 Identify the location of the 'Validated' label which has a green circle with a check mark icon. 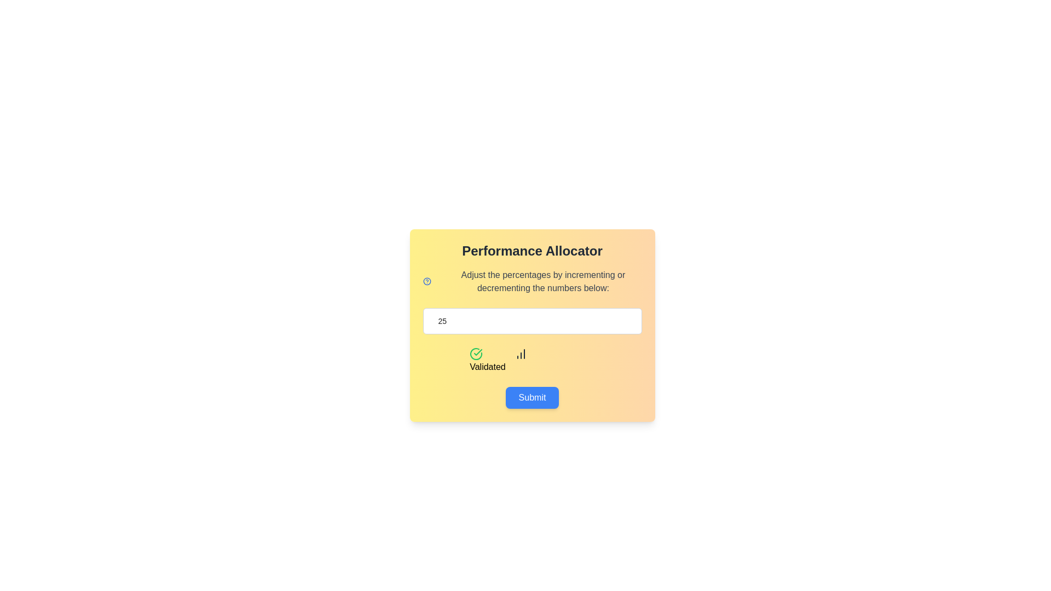
(487, 361).